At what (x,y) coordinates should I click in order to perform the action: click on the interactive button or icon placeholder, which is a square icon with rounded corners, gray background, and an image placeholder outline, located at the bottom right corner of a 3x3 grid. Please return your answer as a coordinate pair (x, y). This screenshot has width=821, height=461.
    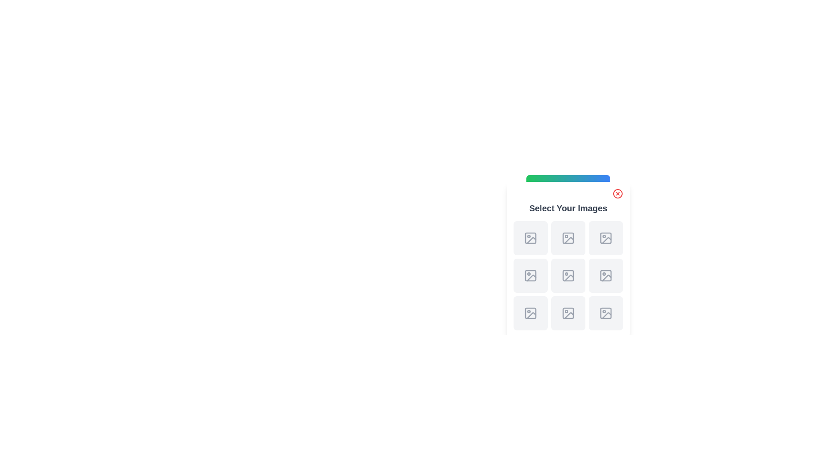
    Looking at the image, I should click on (605, 275).